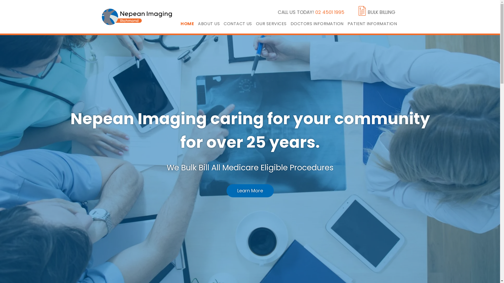 Image resolution: width=504 pixels, height=283 pixels. What do you see at coordinates (189, 24) in the screenshot?
I see `'HOME'` at bounding box center [189, 24].